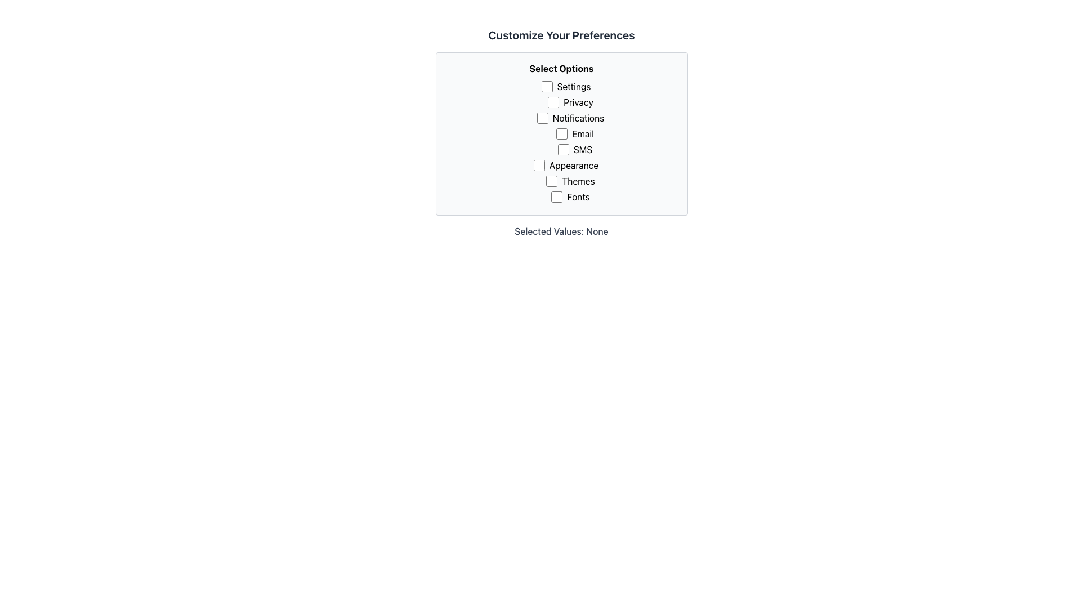  I want to click on the first labeled checkbox in the 'Select Options' section to check or uncheck it, so click(566, 86).